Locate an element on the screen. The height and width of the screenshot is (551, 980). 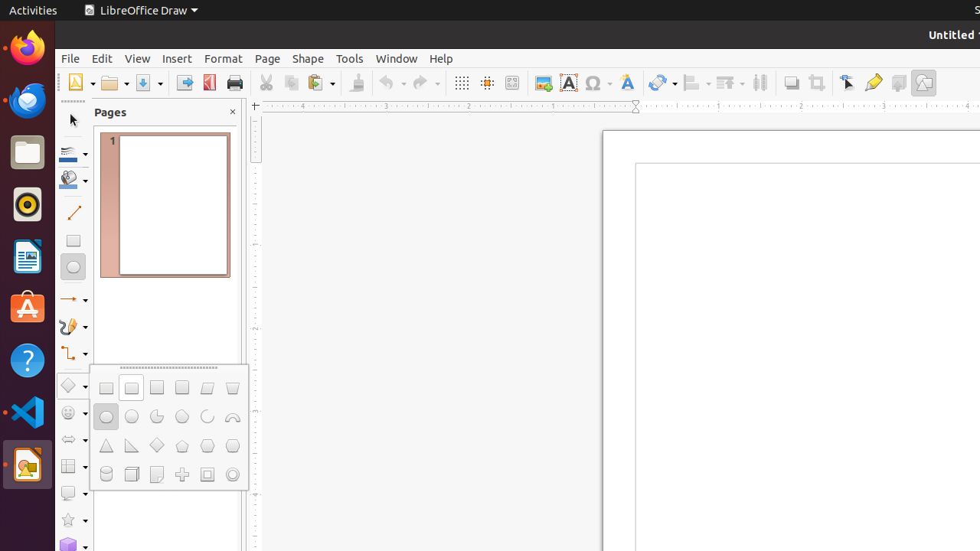
'Page' is located at coordinates (267, 57).